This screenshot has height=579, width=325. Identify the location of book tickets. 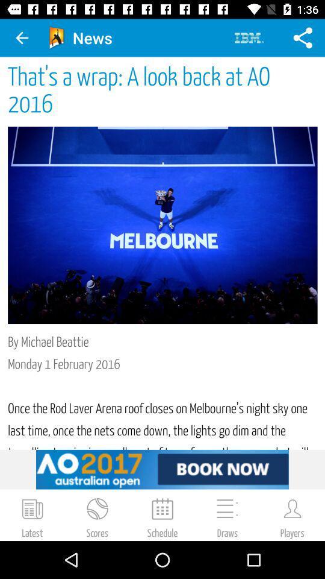
(162, 469).